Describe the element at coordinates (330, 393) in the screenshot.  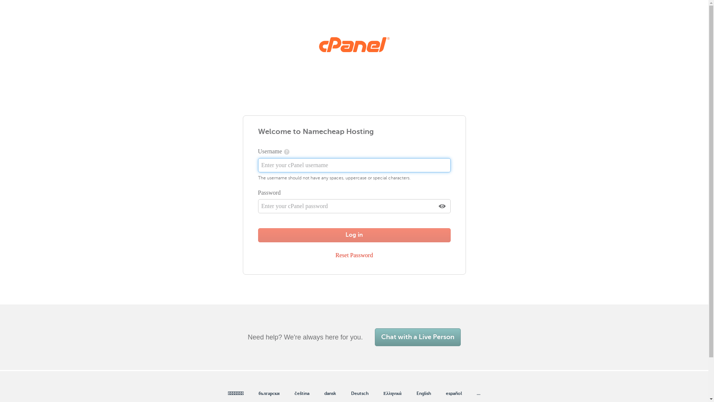
I see `'dansk'` at that location.